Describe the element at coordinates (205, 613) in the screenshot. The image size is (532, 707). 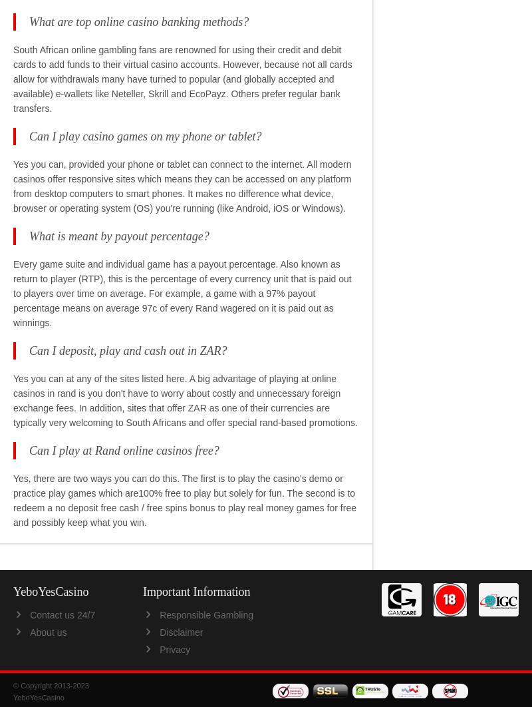
I see `'Responsible Gambling'` at that location.